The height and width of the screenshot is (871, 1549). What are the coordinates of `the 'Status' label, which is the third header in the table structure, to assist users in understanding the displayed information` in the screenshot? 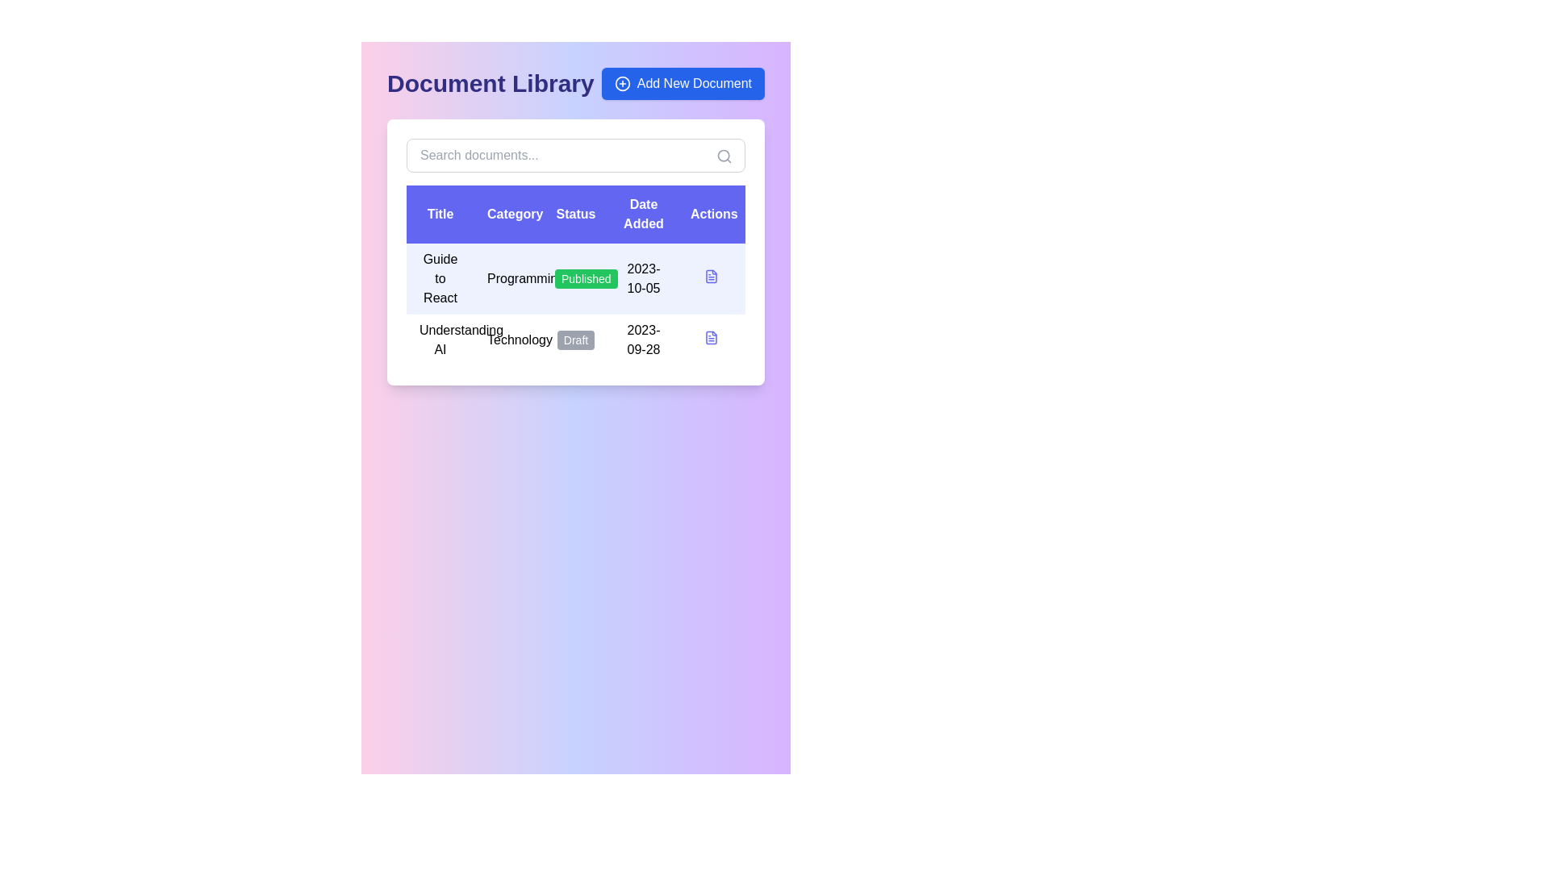 It's located at (576, 214).